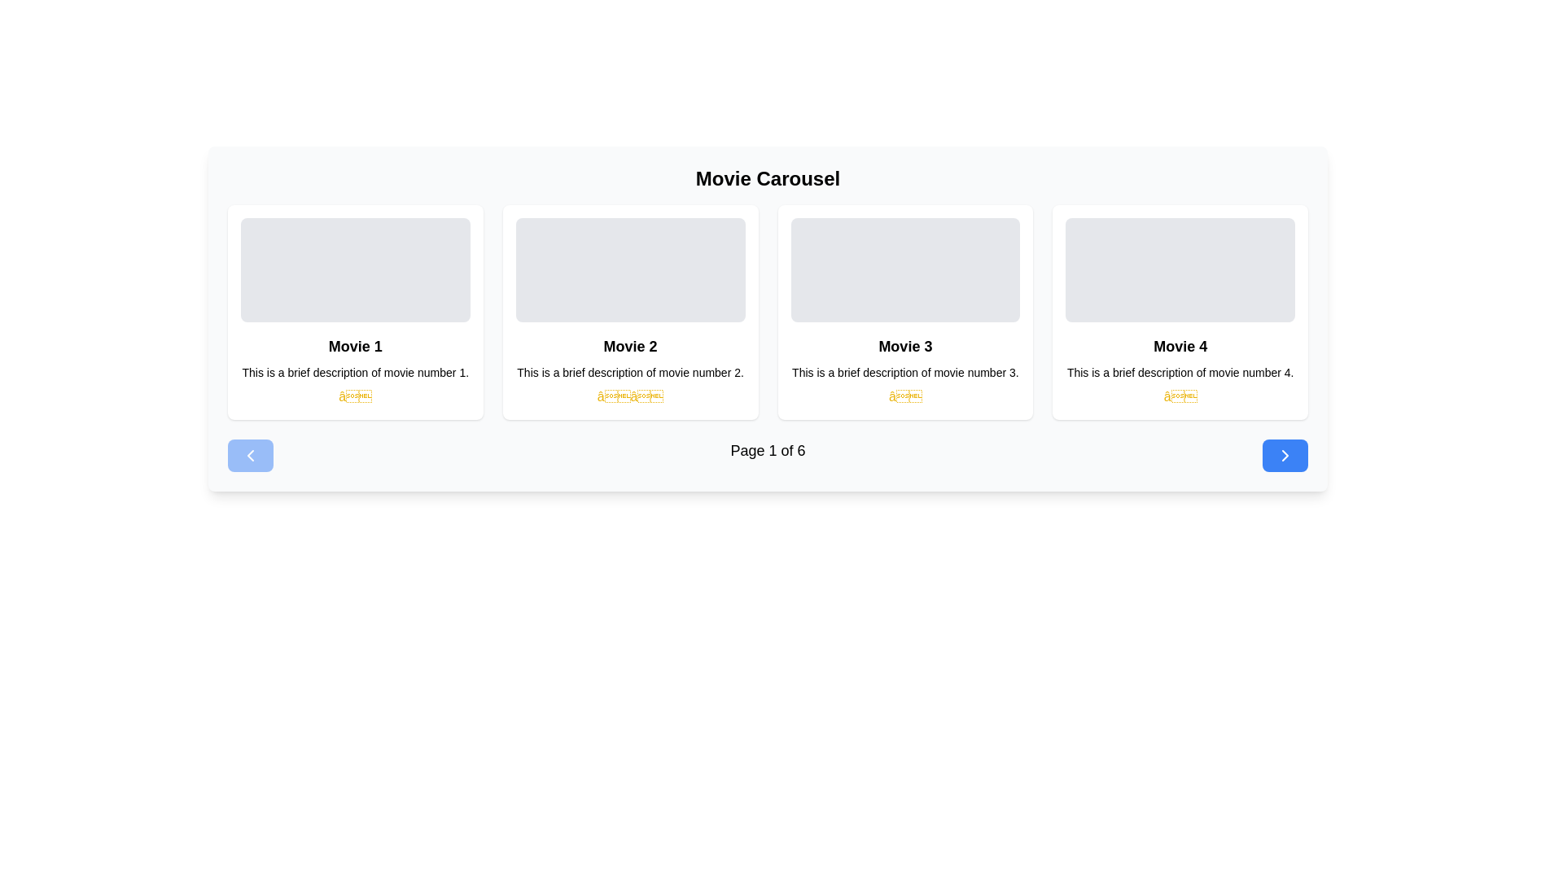 This screenshot has width=1563, height=879. What do you see at coordinates (1285, 455) in the screenshot?
I see `the blue rectangular button with rounded corners that contains a white chevron pointing right, located at the far right of the pagination information ('Page 1 of 6')` at bounding box center [1285, 455].